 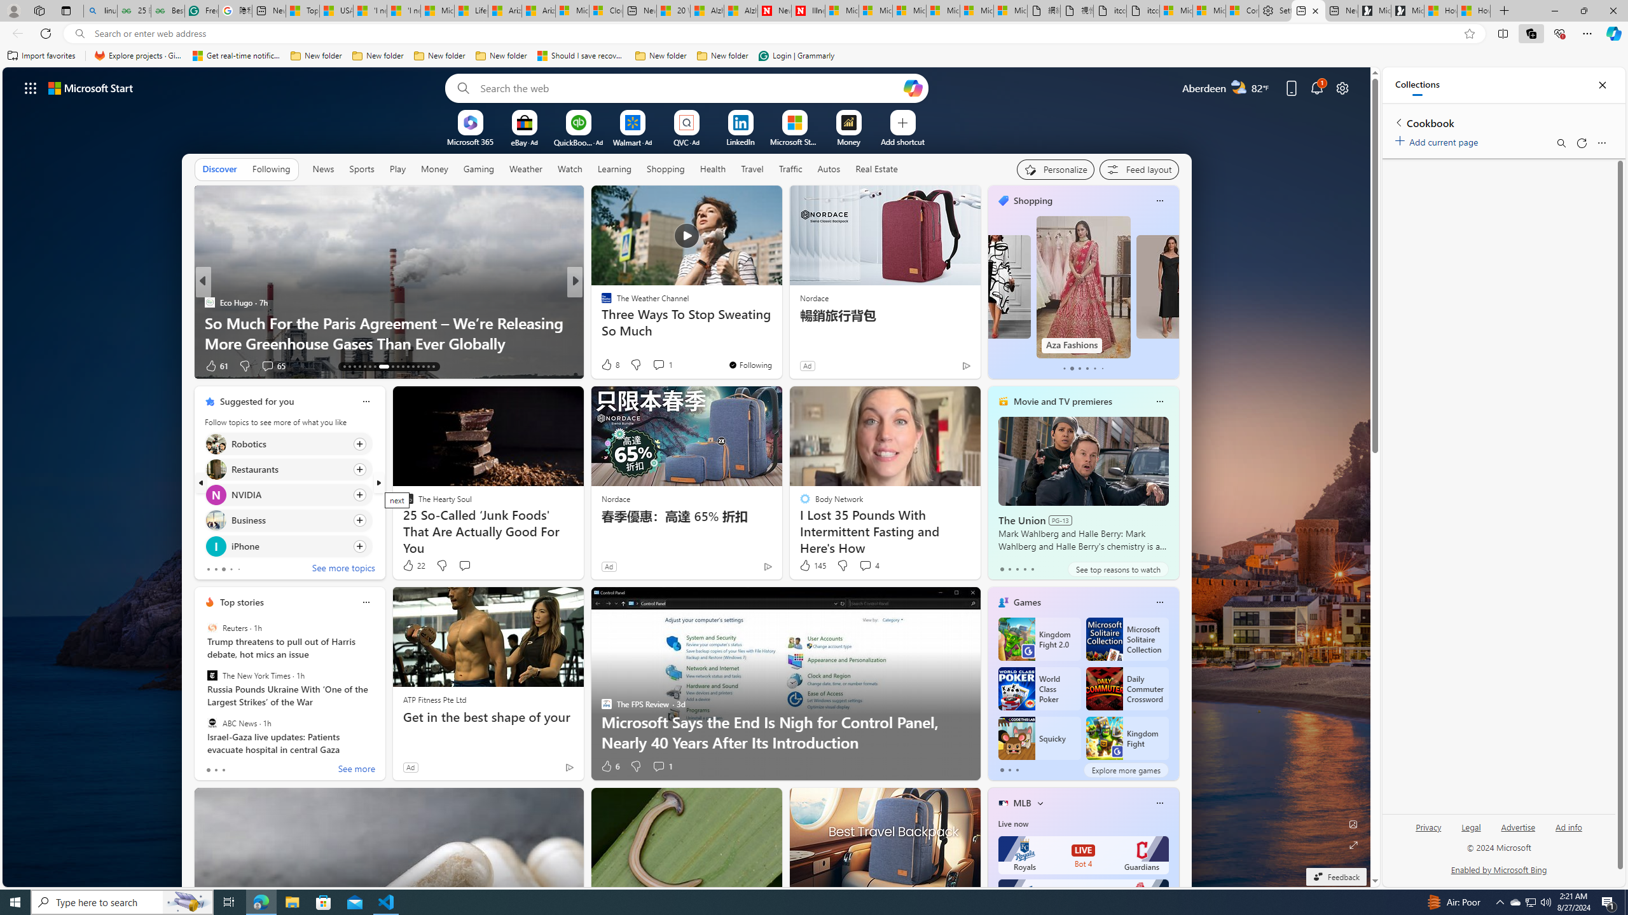 What do you see at coordinates (601, 301) in the screenshot?
I see `'Wealth of Geeks'` at bounding box center [601, 301].